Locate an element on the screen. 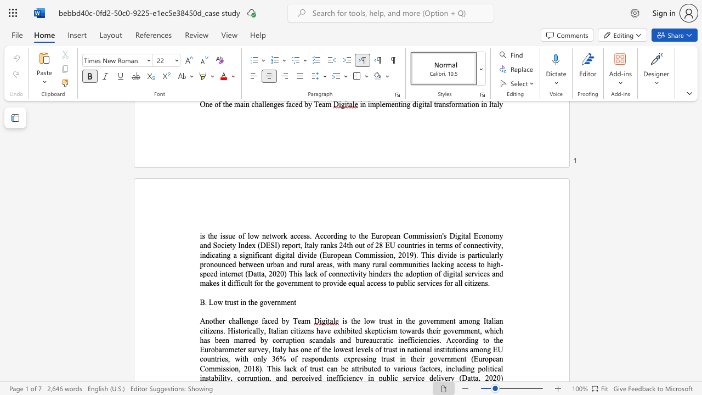 The height and width of the screenshot is (395, 702). the subset text "buted" within the text "tributed to" is located at coordinates (364, 369).